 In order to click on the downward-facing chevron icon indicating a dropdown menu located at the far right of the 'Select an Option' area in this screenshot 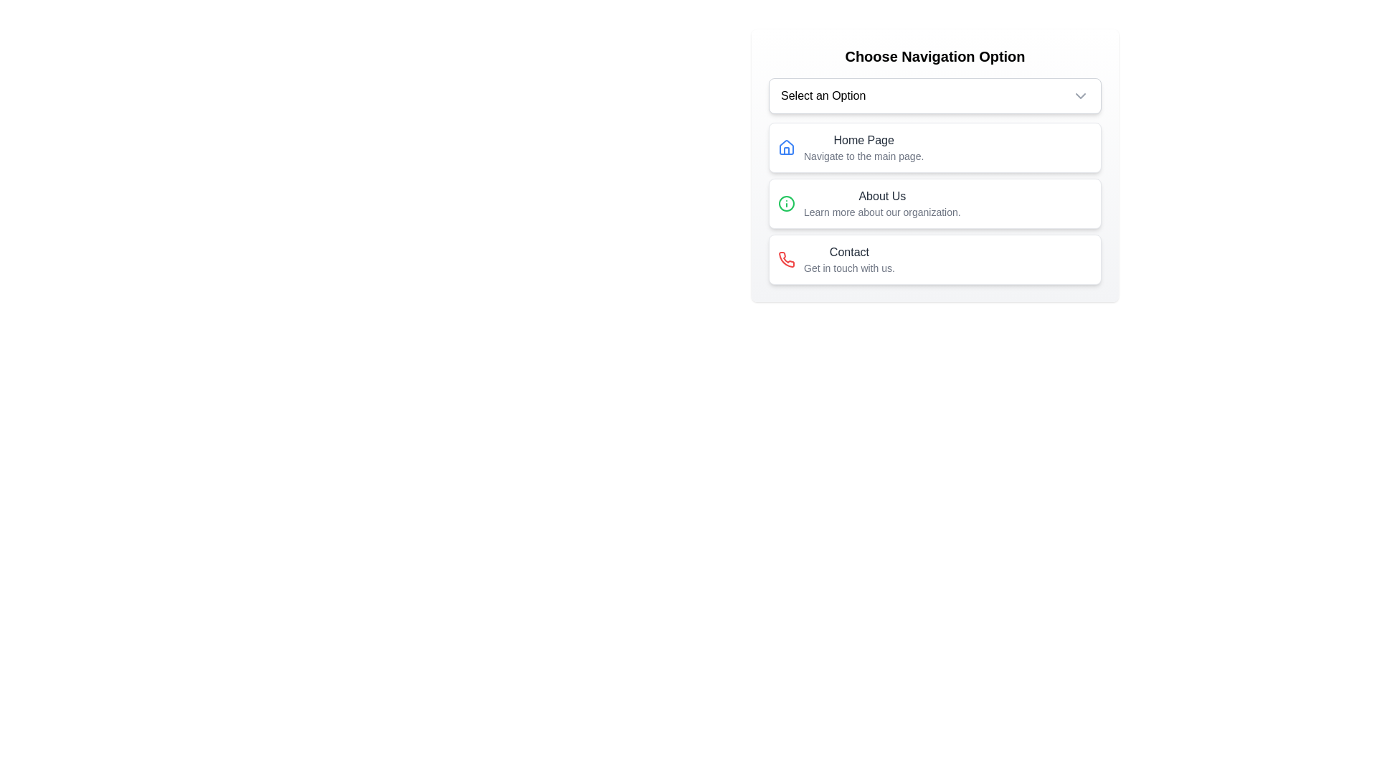, I will do `click(1081, 96)`.